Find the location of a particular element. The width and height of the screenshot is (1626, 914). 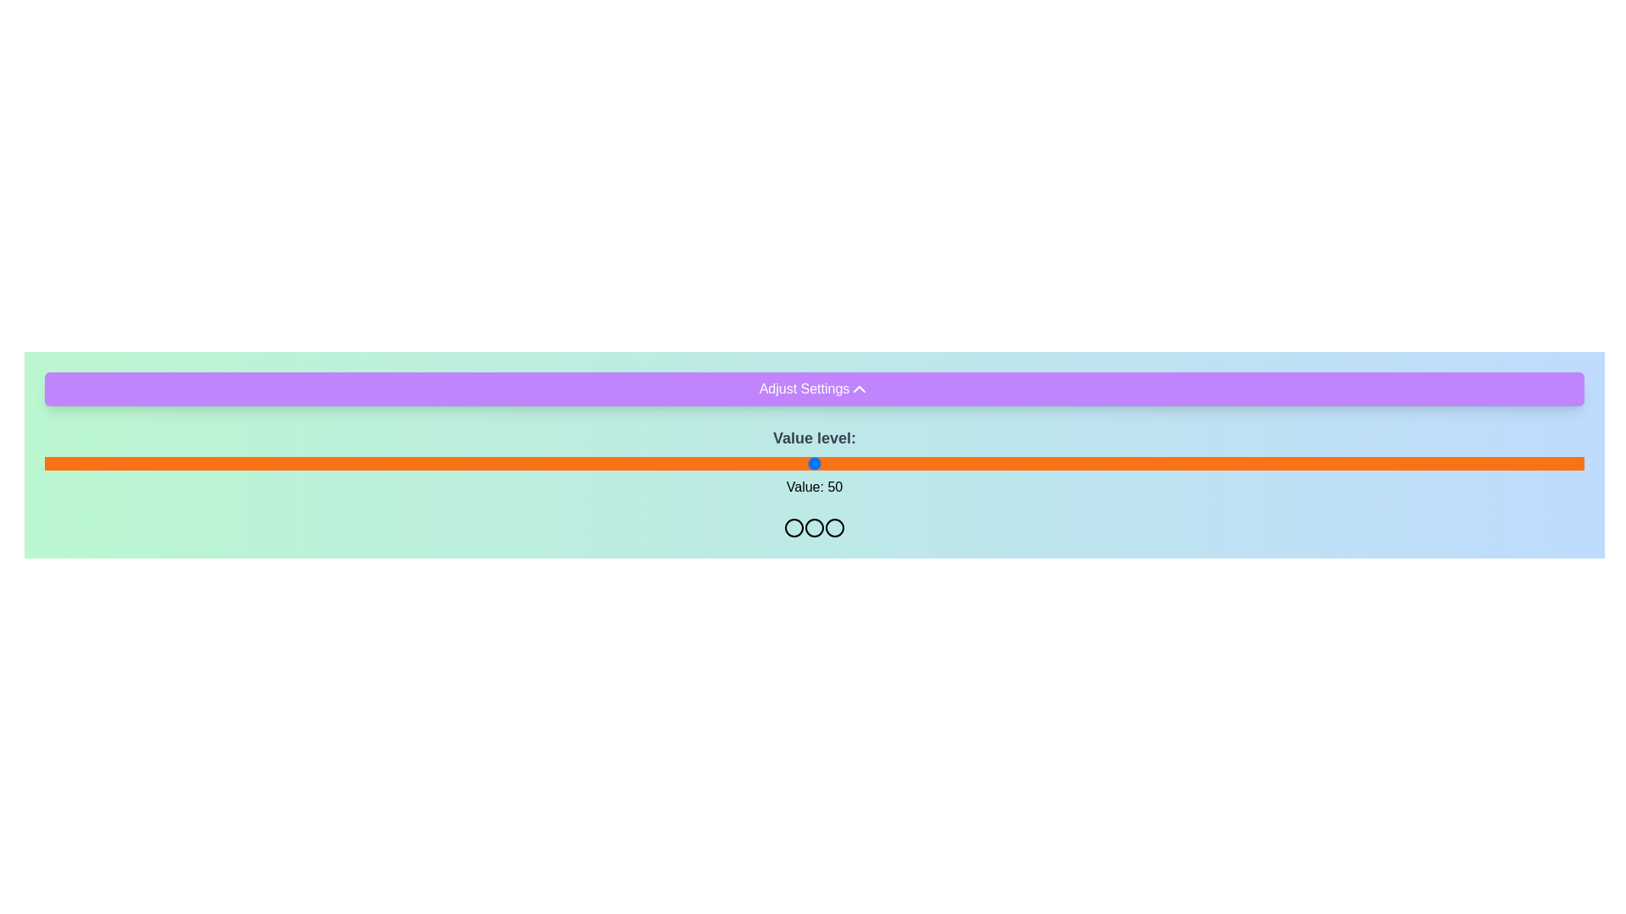

the slider to set its value to 14 is located at coordinates (259, 463).